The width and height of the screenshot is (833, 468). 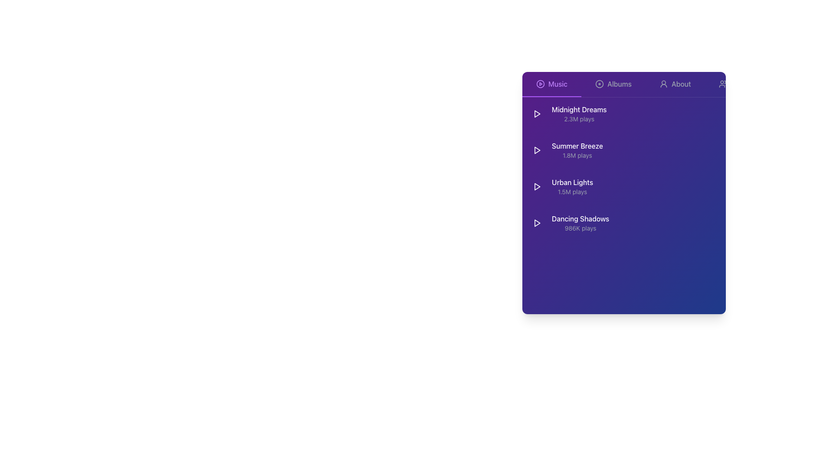 I want to click on the play button for the song 'Midnight Dreams' to play the associated song, so click(x=537, y=113).